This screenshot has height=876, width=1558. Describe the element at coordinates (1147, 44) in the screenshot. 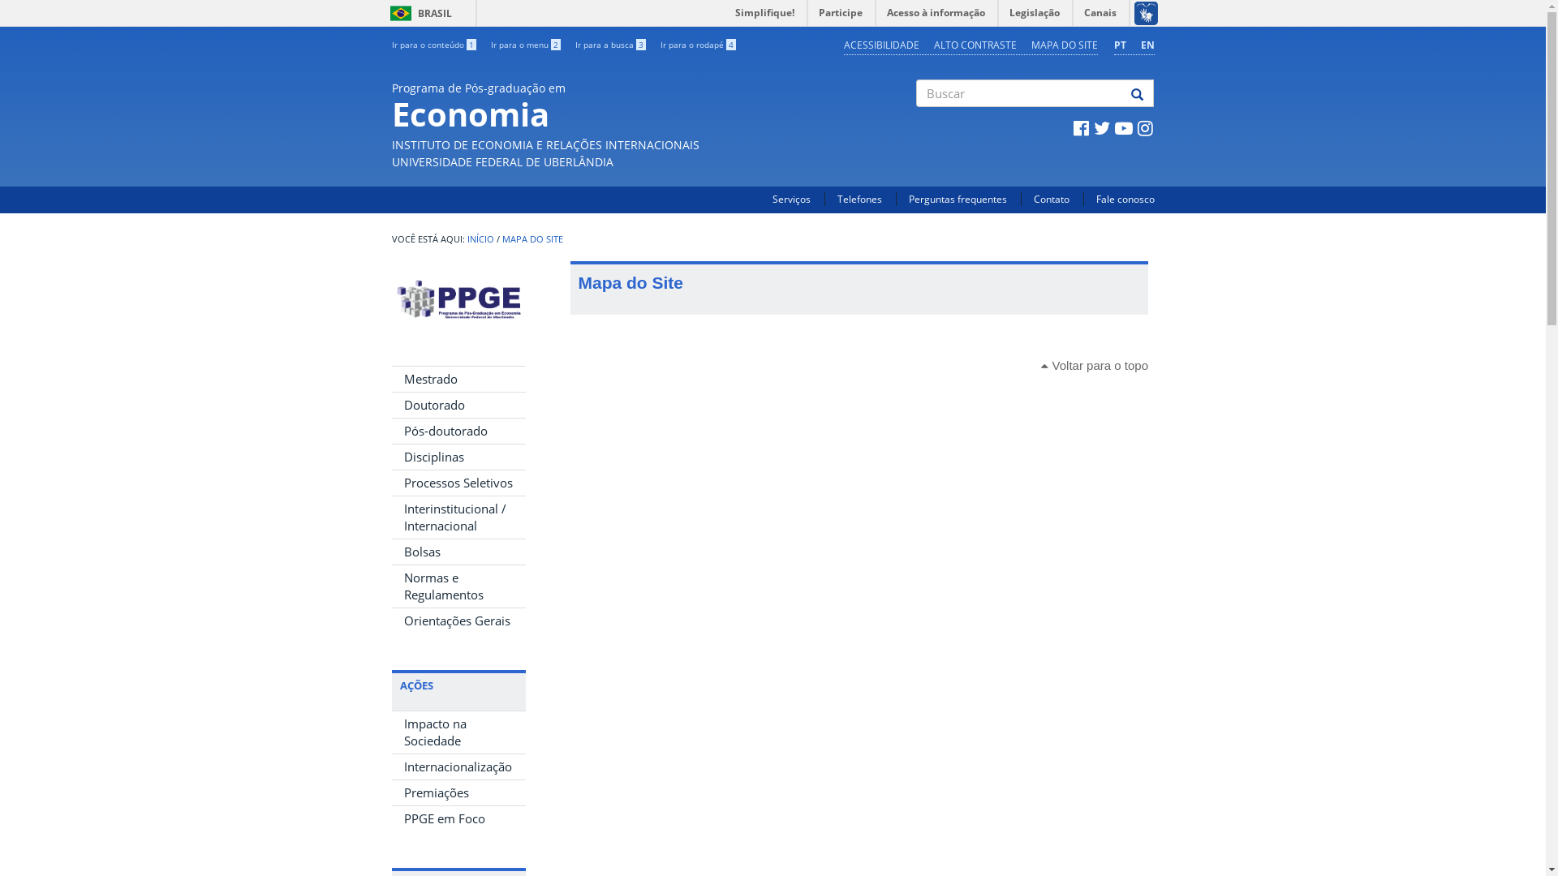

I see `'EN'` at that location.